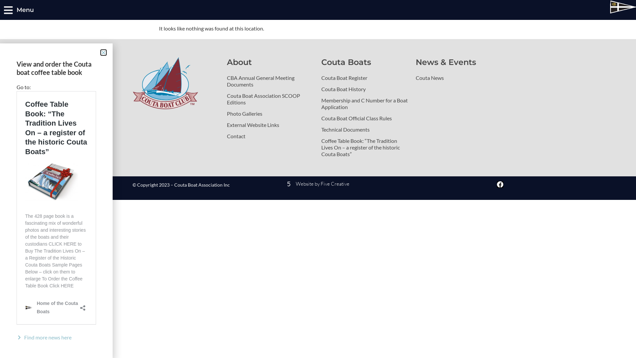 The image size is (636, 358). Describe the element at coordinates (365, 78) in the screenshot. I see `'Couta Boat Register'` at that location.